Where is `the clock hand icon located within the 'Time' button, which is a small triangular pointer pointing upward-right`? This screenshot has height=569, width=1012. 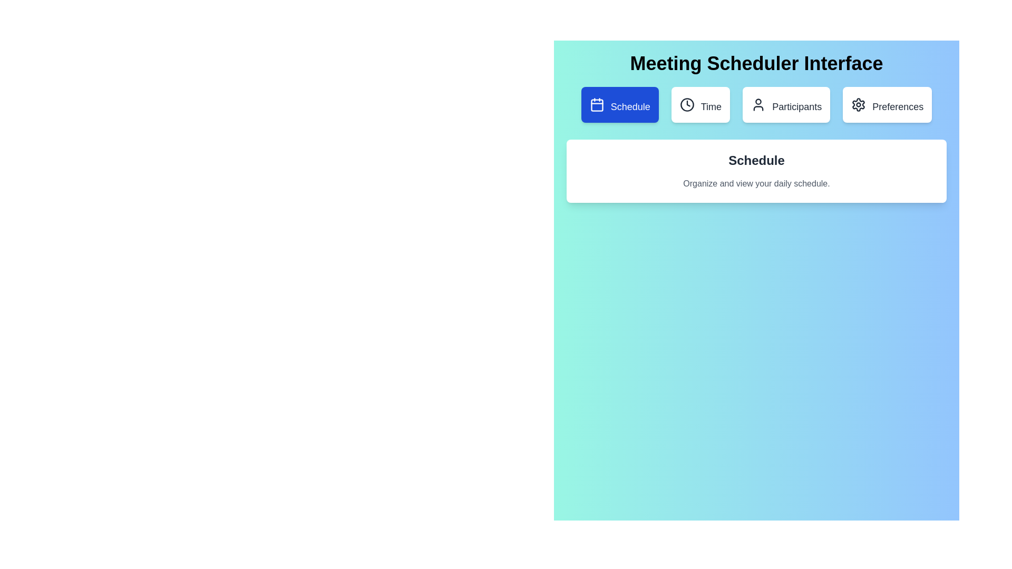 the clock hand icon located within the 'Time' button, which is a small triangular pointer pointing upward-right is located at coordinates (688, 103).